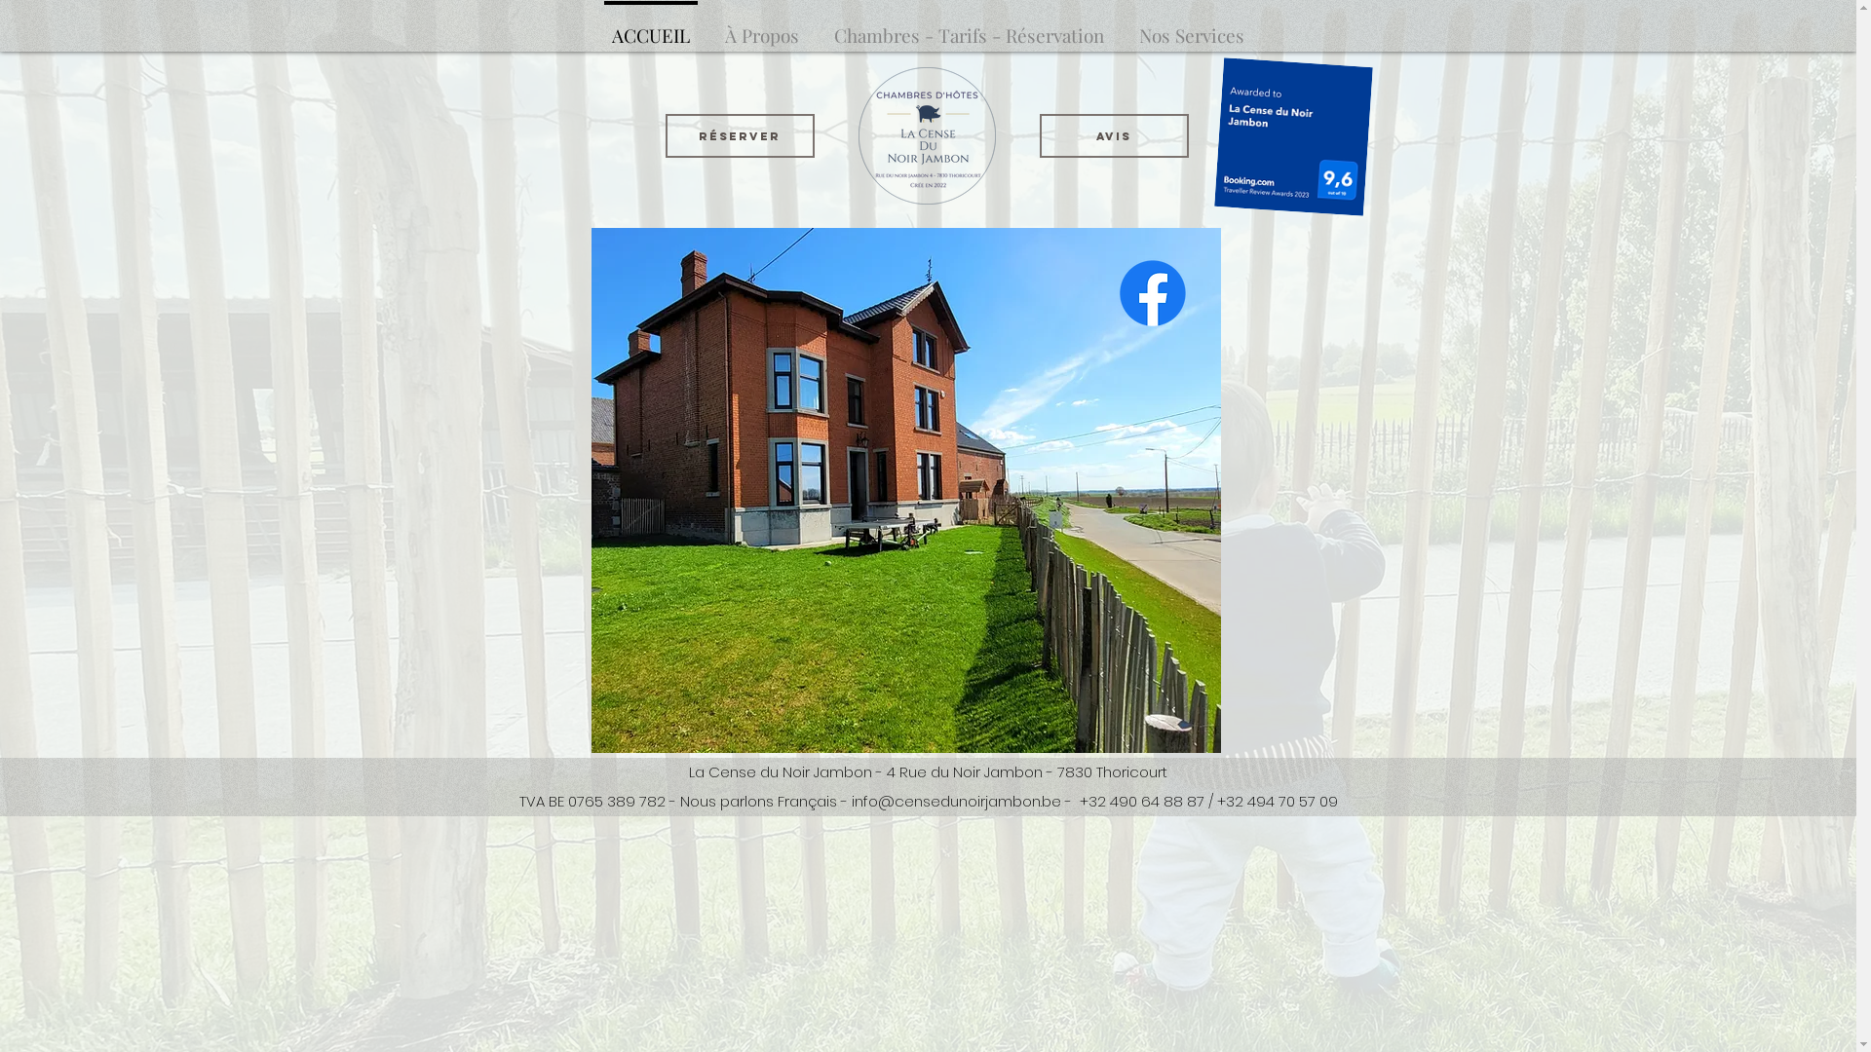  I want to click on 'Avis', so click(1113, 134).